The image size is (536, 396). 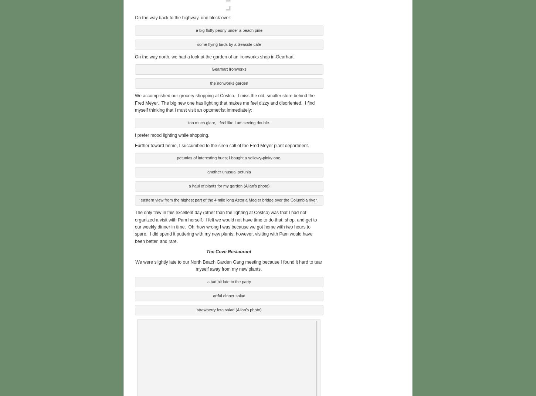 I want to click on 'On the way back to the highway, one block over:', so click(x=134, y=17).